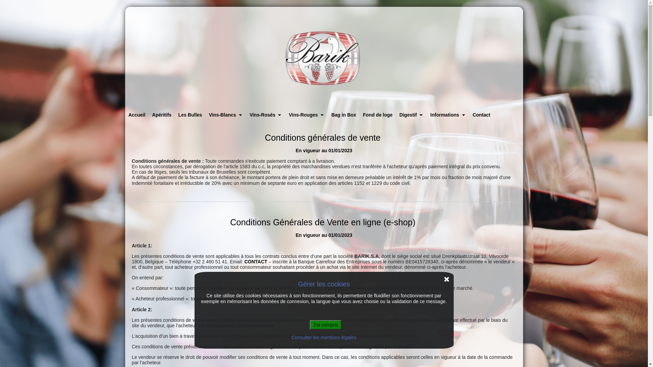 This screenshot has width=653, height=367. I want to click on 'Vins-Blancs', so click(205, 115).